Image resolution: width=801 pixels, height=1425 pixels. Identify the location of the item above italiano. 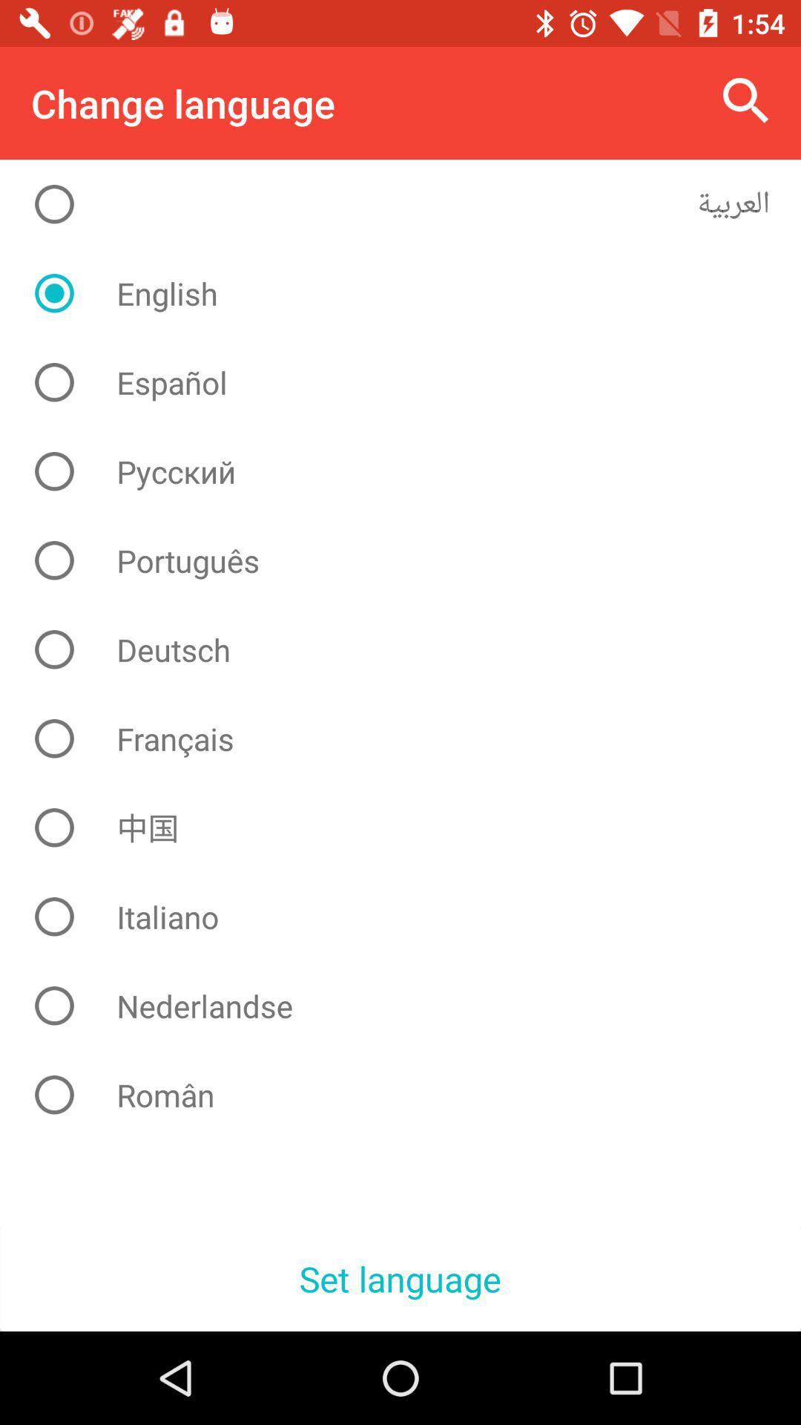
(412, 827).